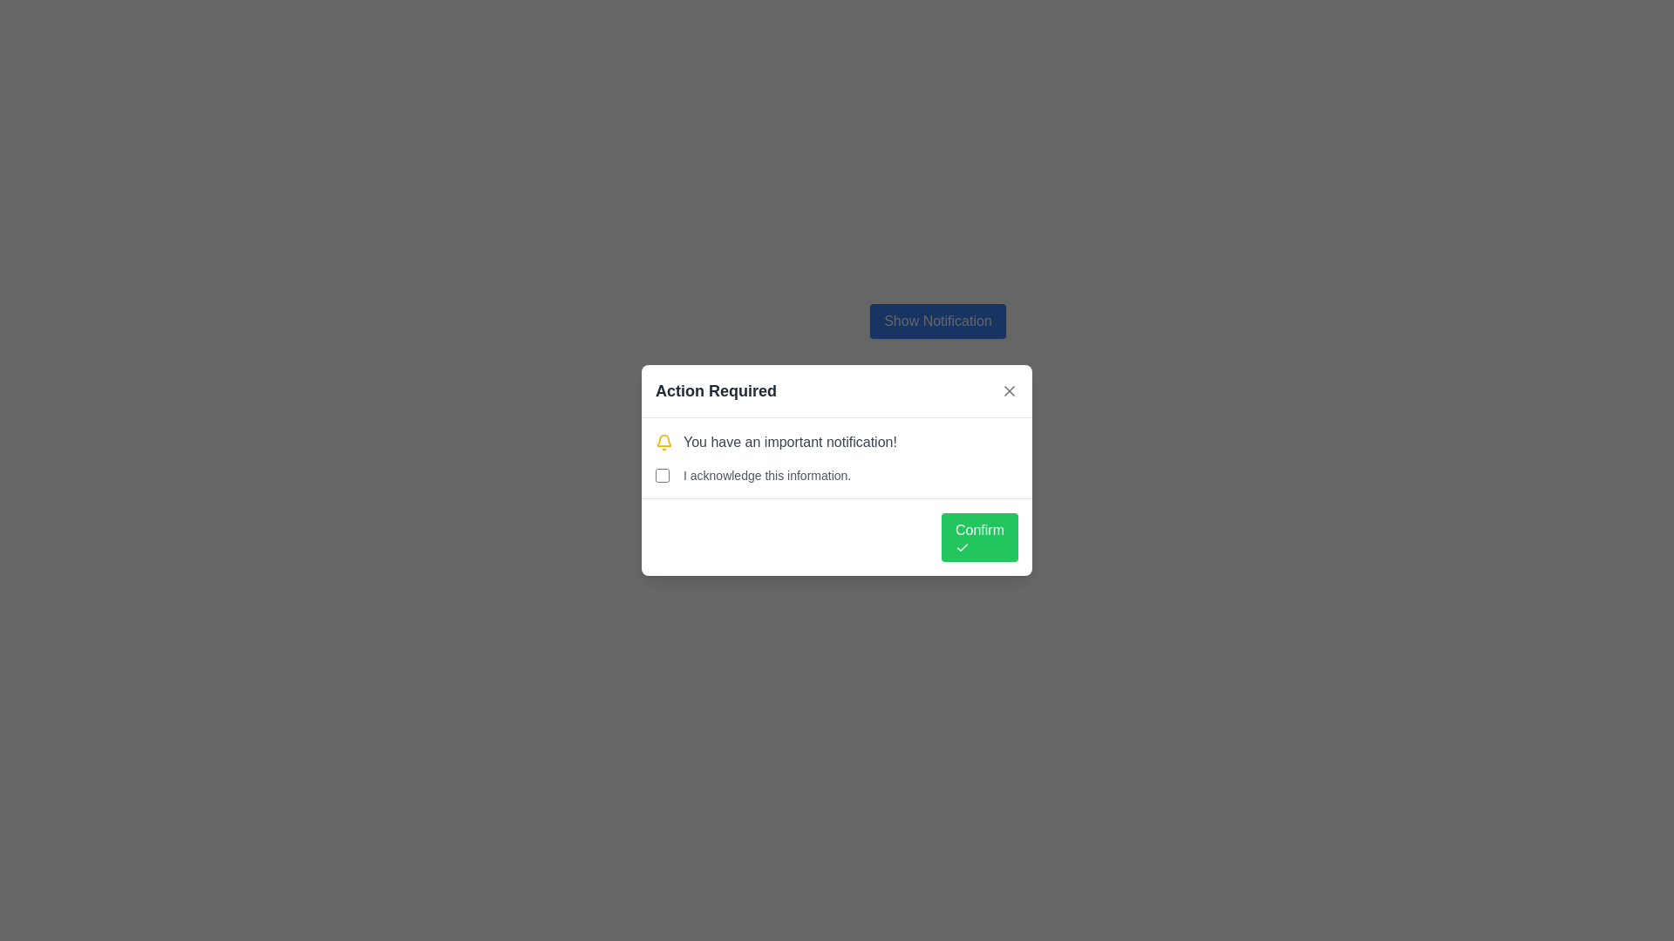 This screenshot has height=941, width=1674. I want to click on the notification trigger button located at the top center of the dialog box interface to interact with its hover effects, so click(936, 322).